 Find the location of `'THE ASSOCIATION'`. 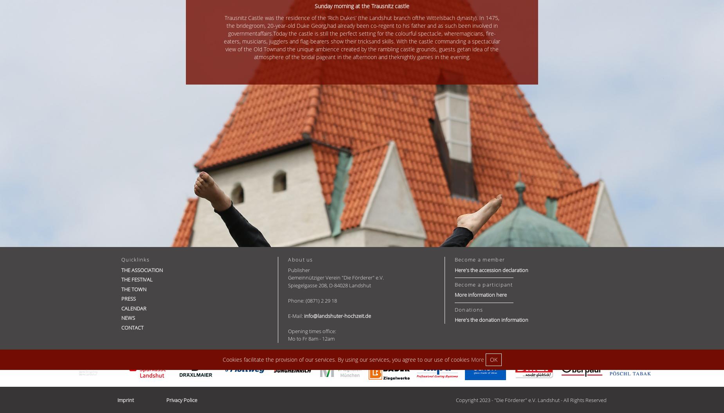

'THE ASSOCIATION' is located at coordinates (141, 269).